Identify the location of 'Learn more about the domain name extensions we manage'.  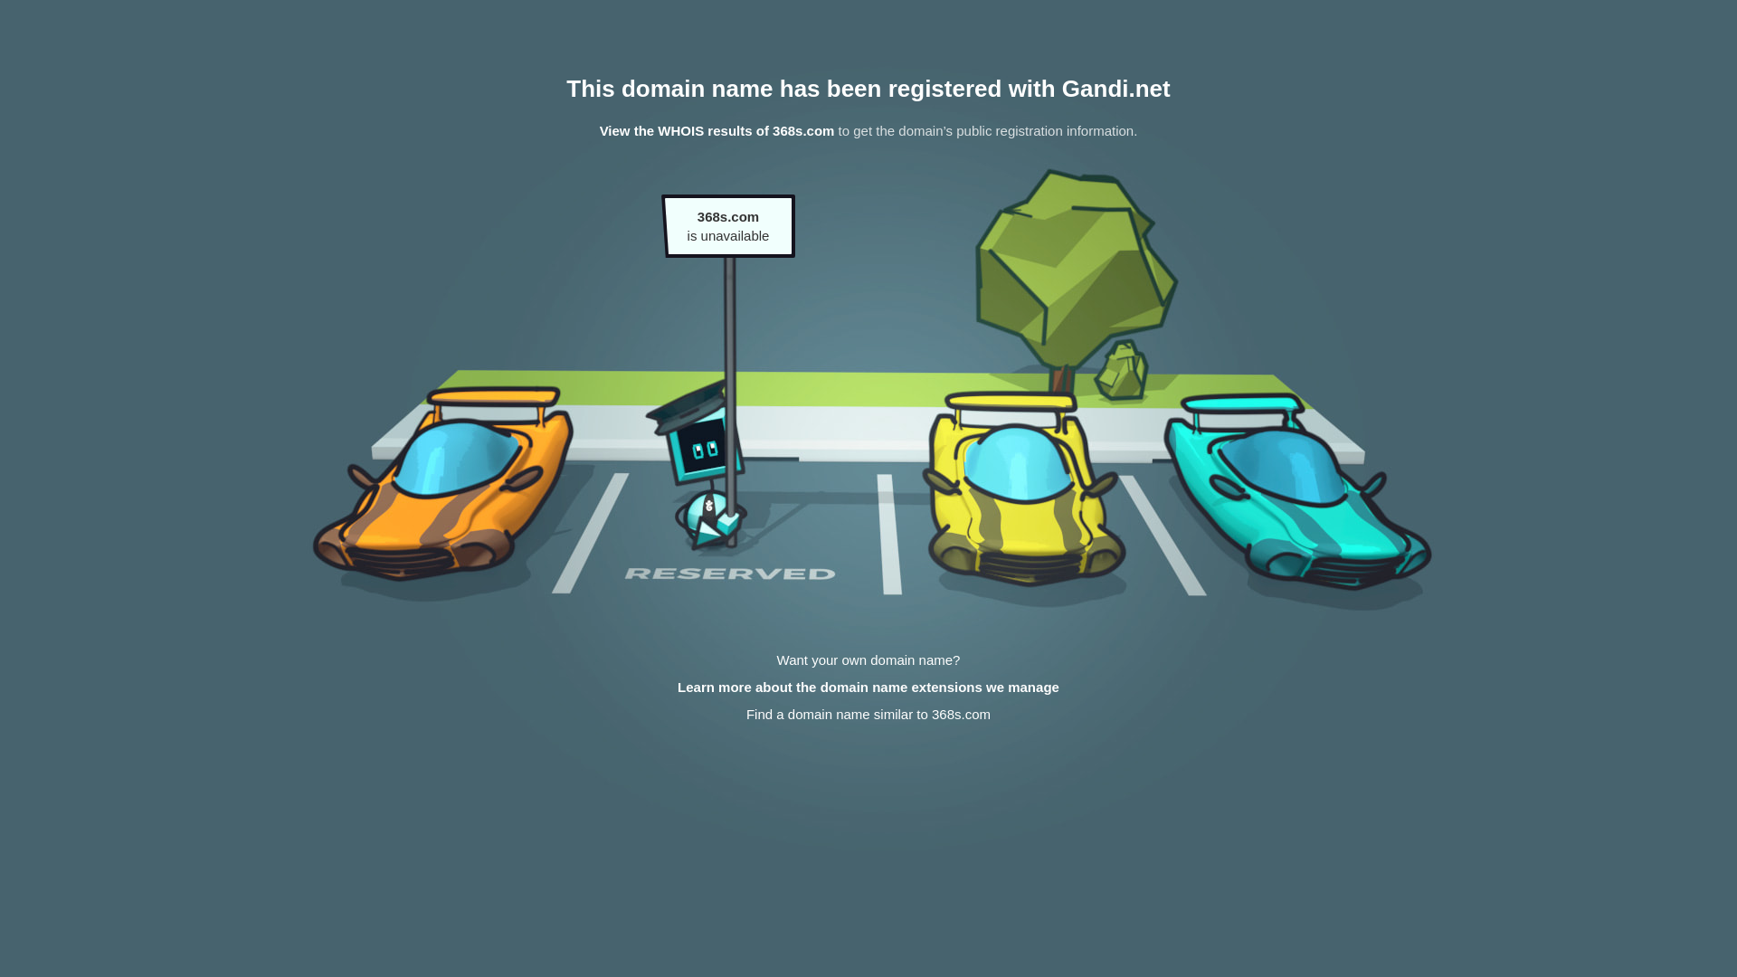
(868, 687).